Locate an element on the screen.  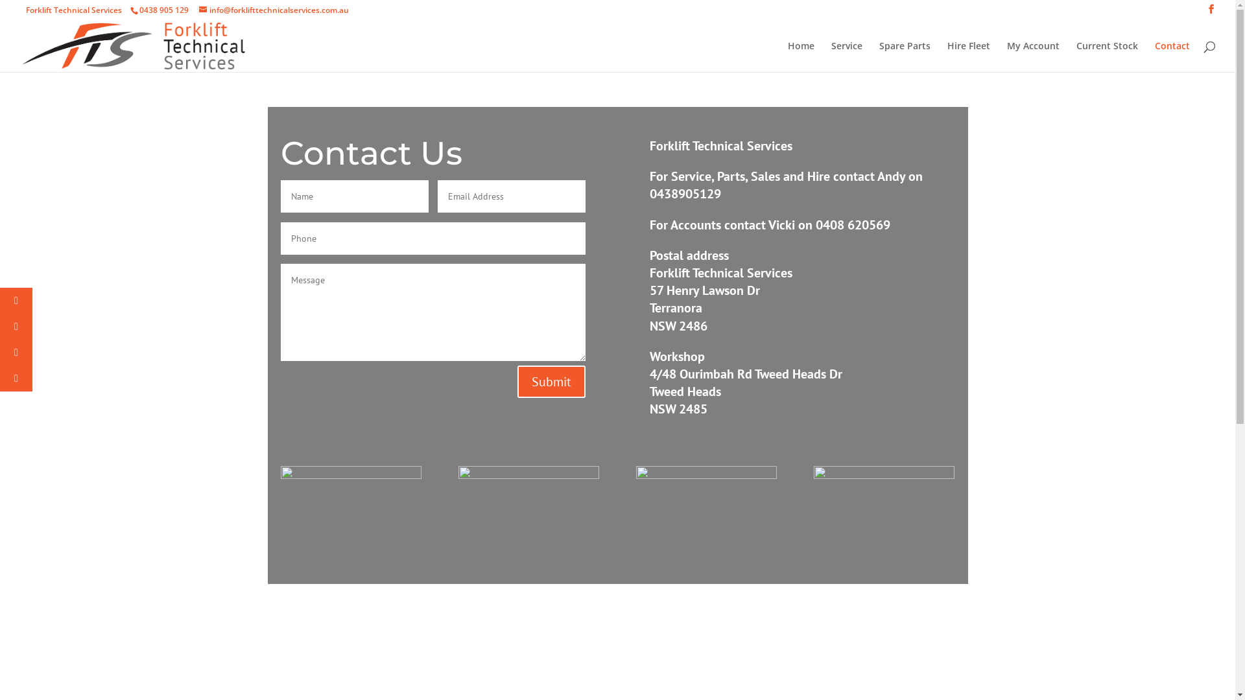
'Image-5' is located at coordinates (350, 474).